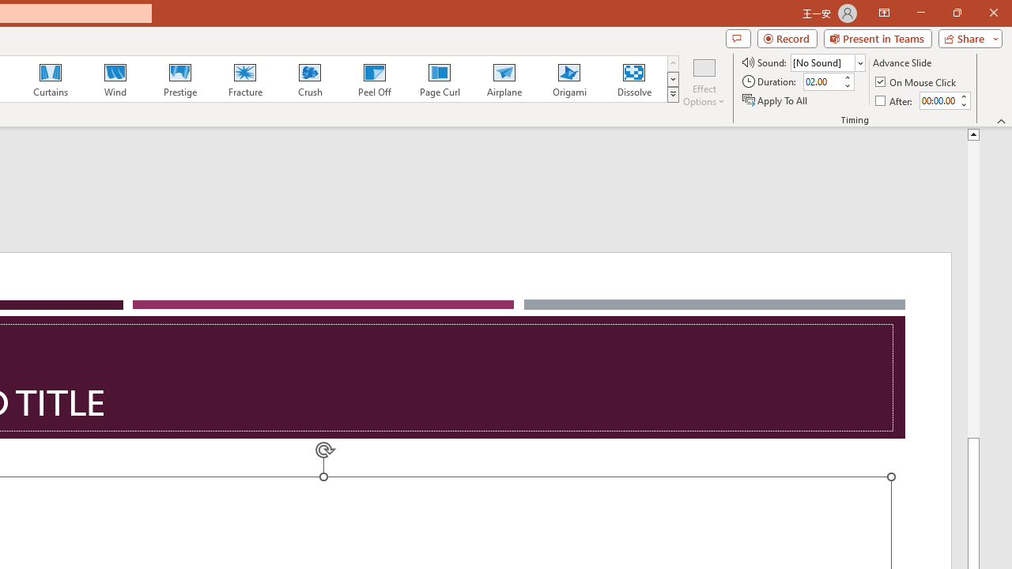 This screenshot has width=1012, height=569. What do you see at coordinates (244, 79) in the screenshot?
I see `'Fracture'` at bounding box center [244, 79].